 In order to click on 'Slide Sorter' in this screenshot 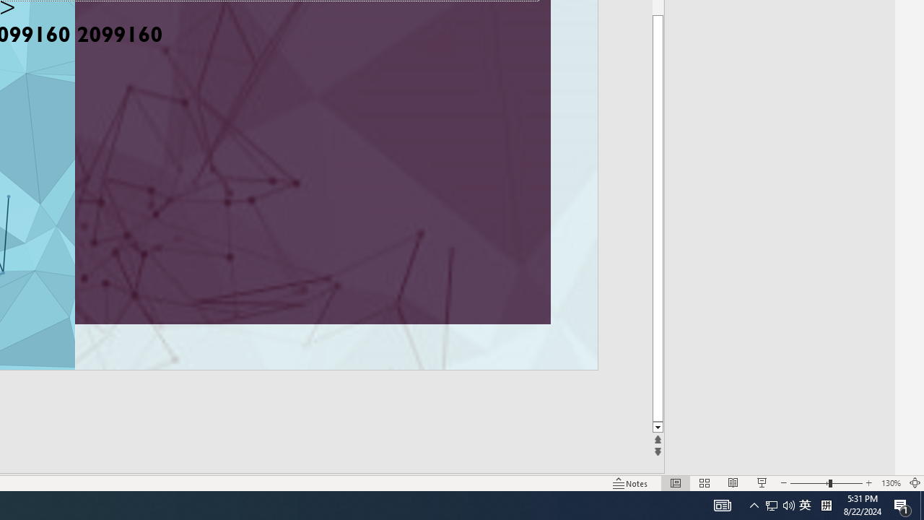, I will do `click(705, 483)`.